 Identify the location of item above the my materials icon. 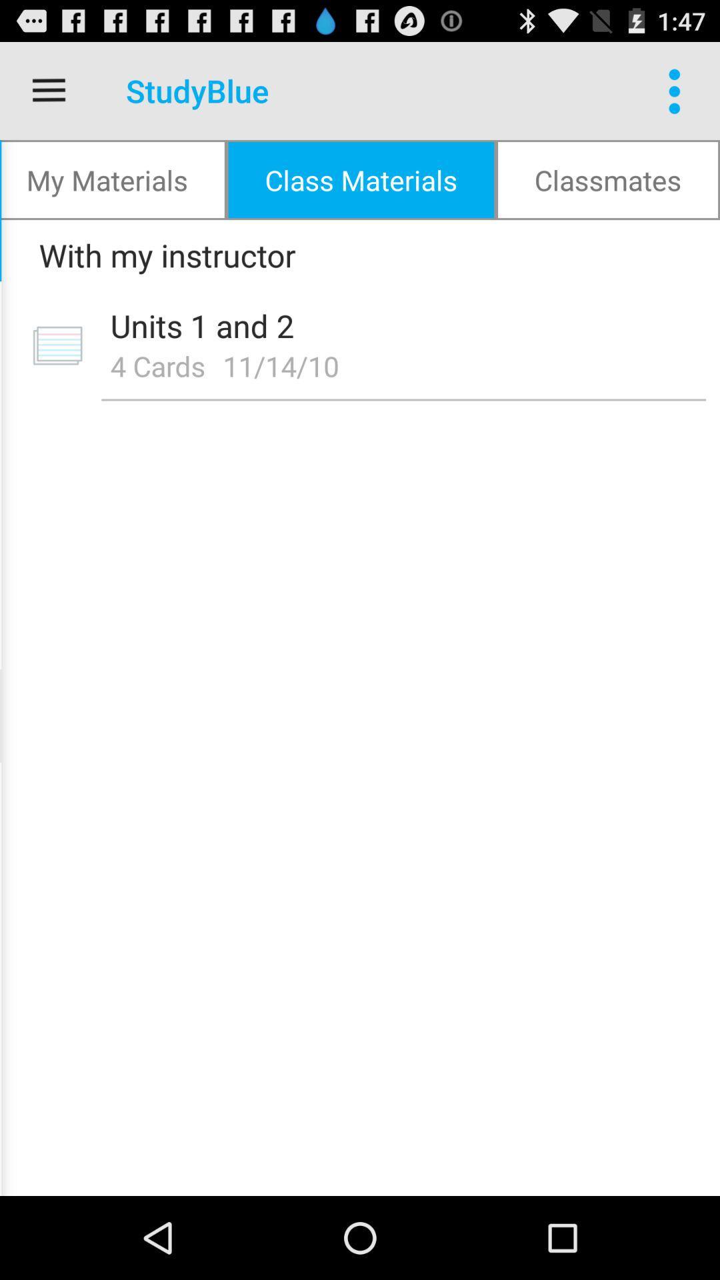
(48, 90).